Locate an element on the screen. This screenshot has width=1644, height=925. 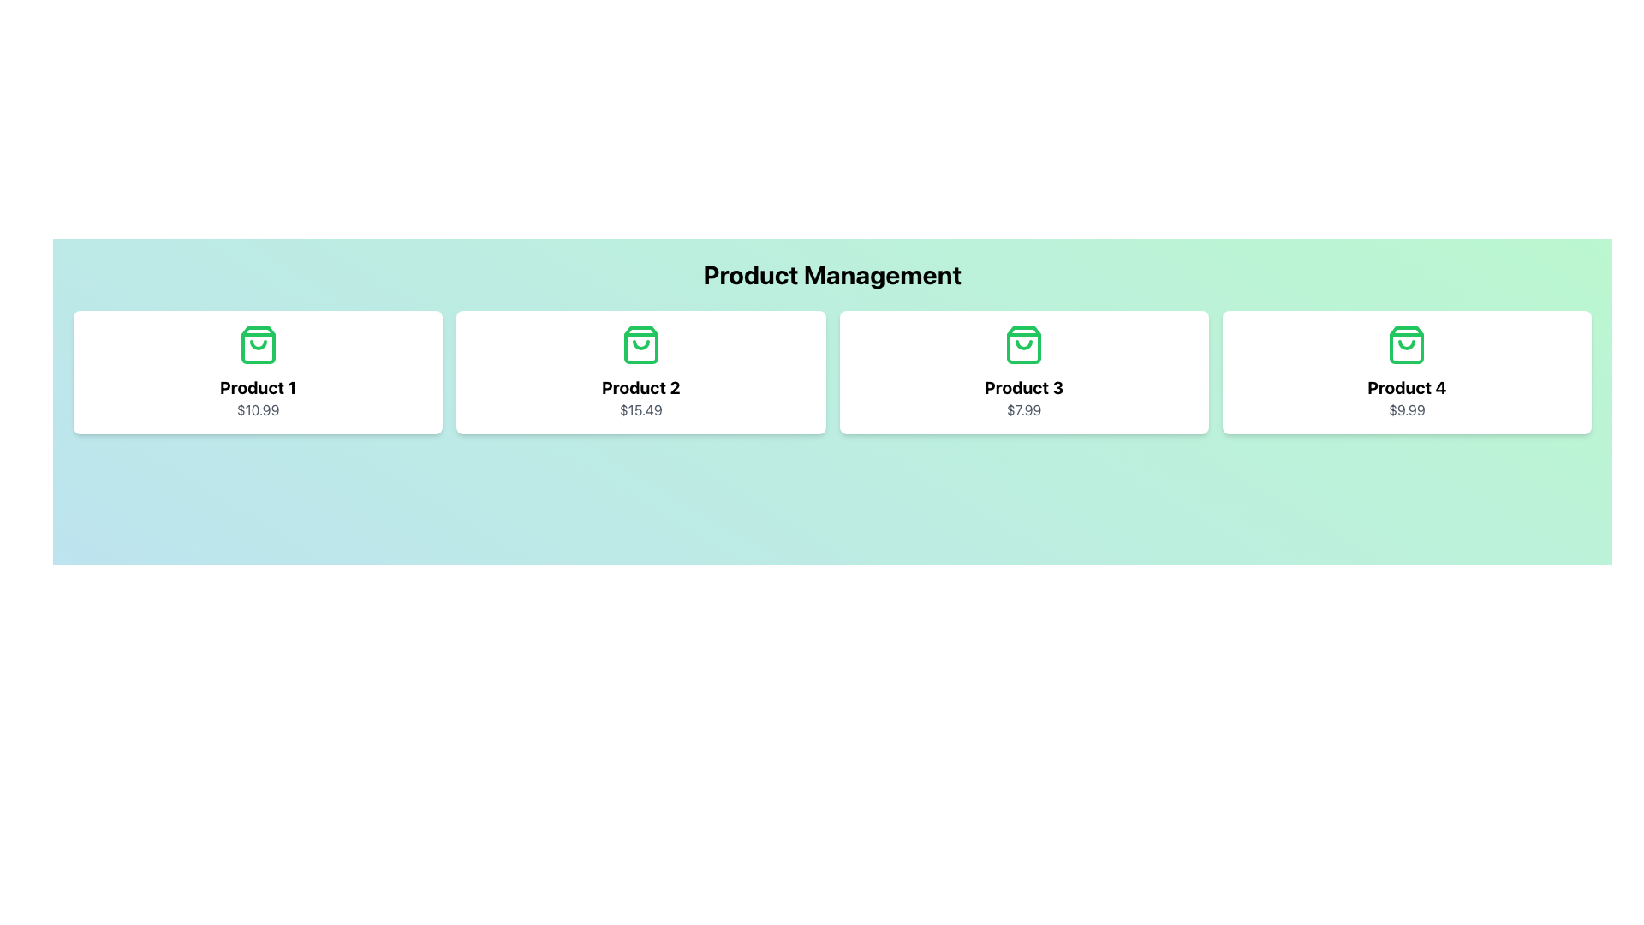
the product display card element located in the third column of a four-item grid layout, which presents product information such as title and price is located at coordinates (1024, 372).